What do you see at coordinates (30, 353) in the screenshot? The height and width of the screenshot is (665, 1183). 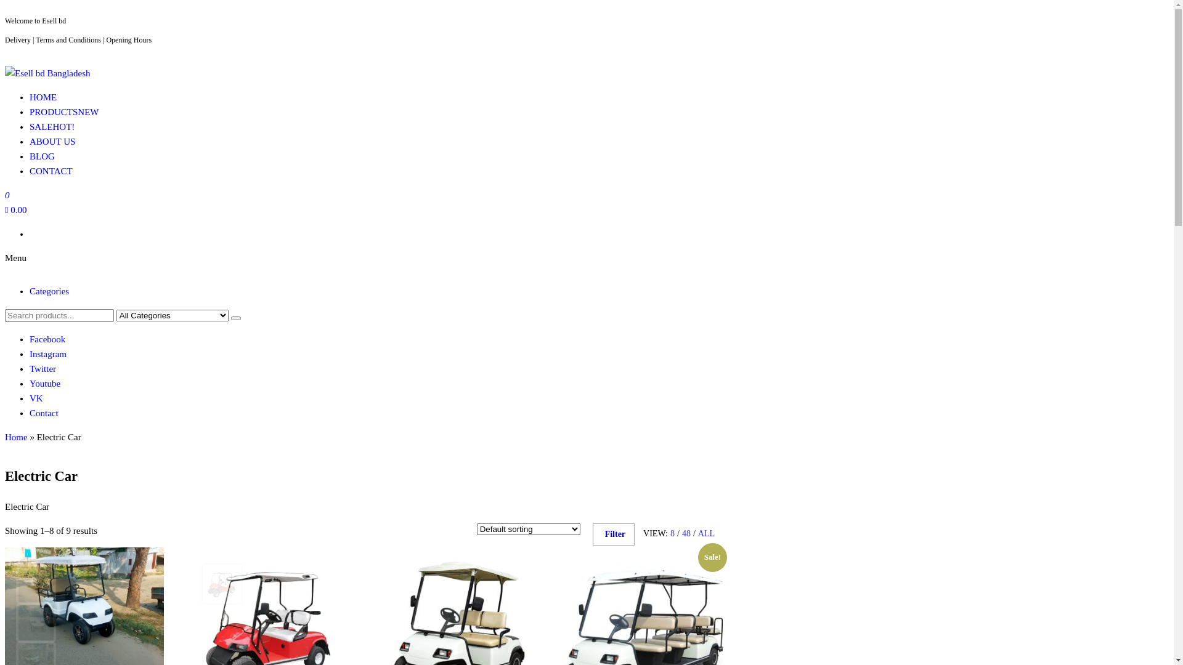 I see `'Instagram'` at bounding box center [30, 353].